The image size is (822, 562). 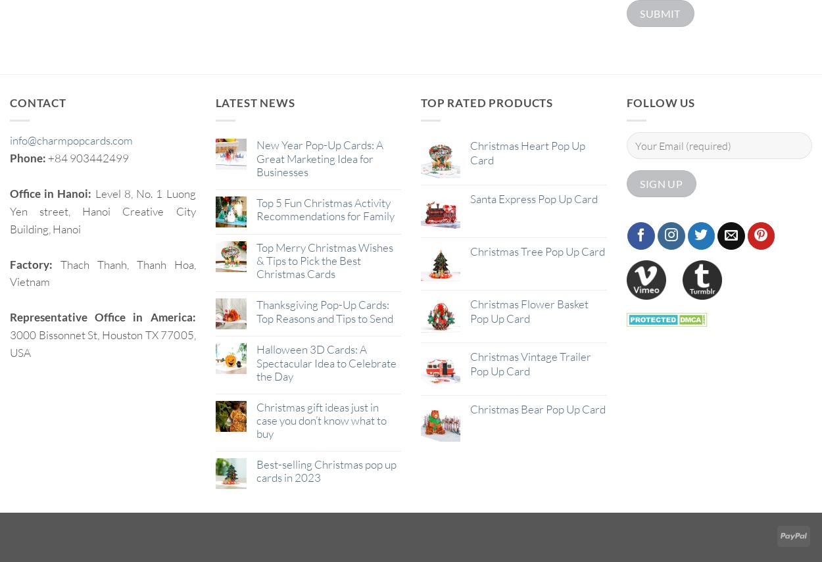 What do you see at coordinates (51, 193) in the screenshot?
I see `'Office in Hanoi:'` at bounding box center [51, 193].